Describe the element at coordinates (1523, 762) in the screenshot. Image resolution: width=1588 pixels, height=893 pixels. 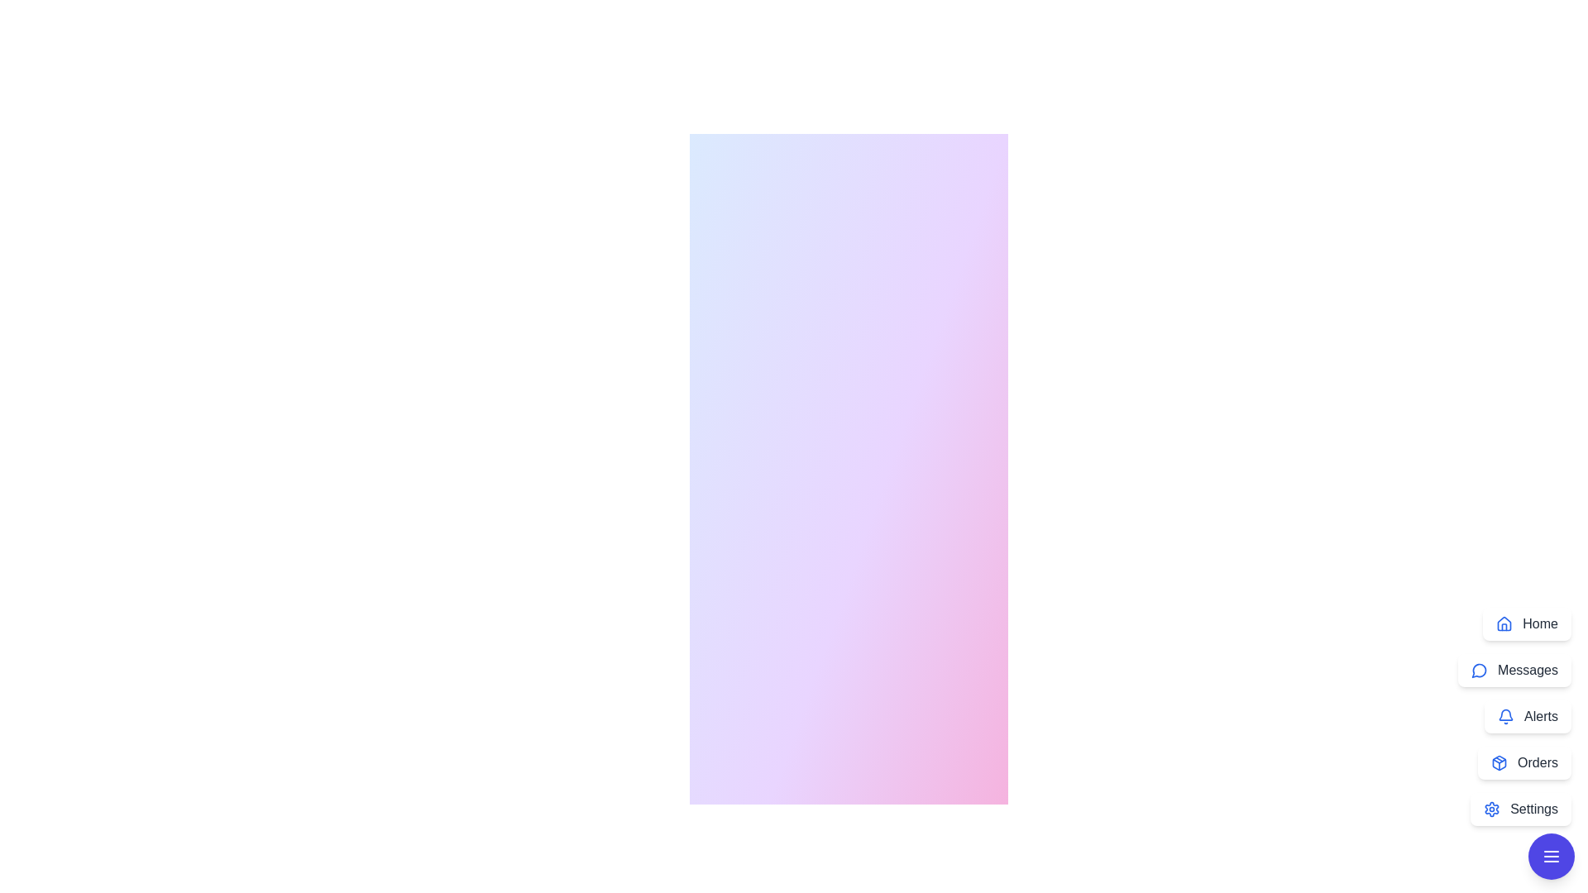
I see `the menu option Orders` at that location.